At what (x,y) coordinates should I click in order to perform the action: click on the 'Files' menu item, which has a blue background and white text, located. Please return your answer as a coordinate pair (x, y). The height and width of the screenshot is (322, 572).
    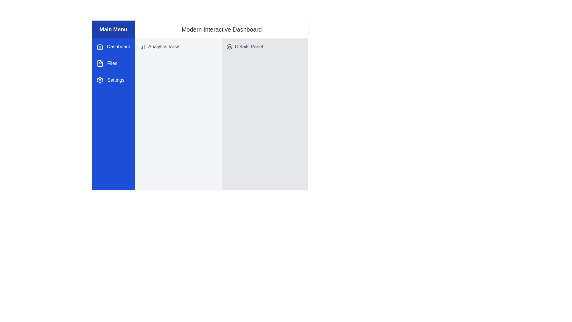
    Looking at the image, I should click on (113, 63).